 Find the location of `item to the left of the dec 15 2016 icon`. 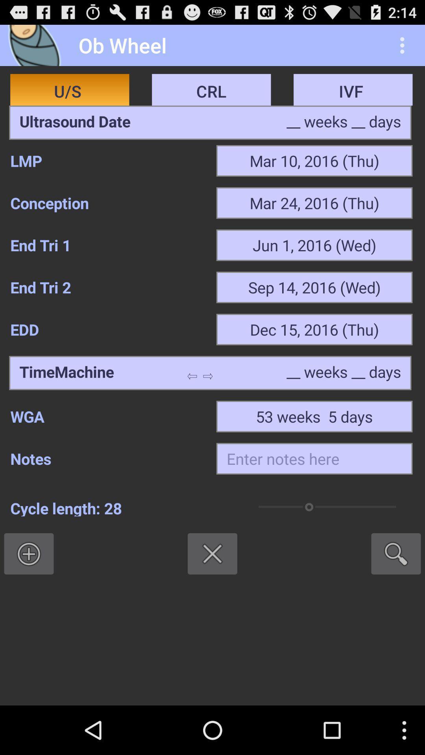

item to the left of the dec 15 2016 icon is located at coordinates (108, 330).